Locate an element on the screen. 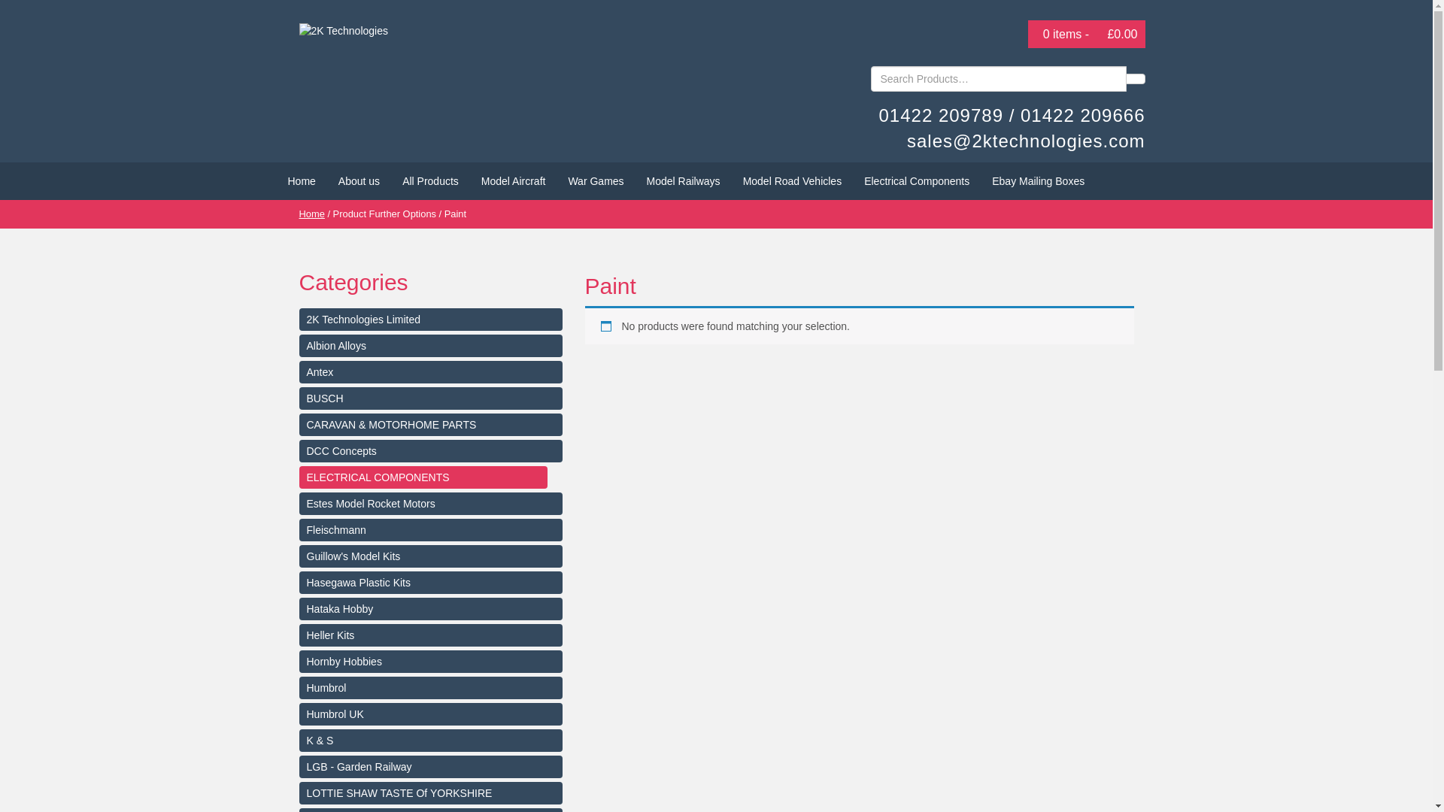 Image resolution: width=1444 pixels, height=812 pixels. 'Hornby Hobbies' is located at coordinates (429, 660).